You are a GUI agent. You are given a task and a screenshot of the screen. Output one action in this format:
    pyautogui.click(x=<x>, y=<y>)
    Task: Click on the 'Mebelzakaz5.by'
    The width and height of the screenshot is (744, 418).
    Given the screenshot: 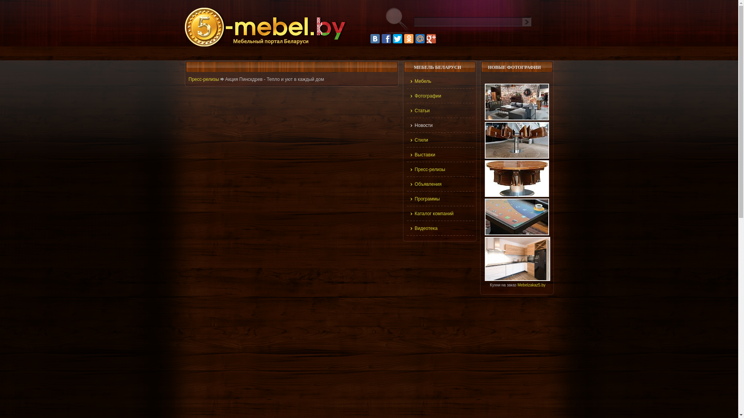 What is the action you would take?
    pyautogui.click(x=531, y=285)
    